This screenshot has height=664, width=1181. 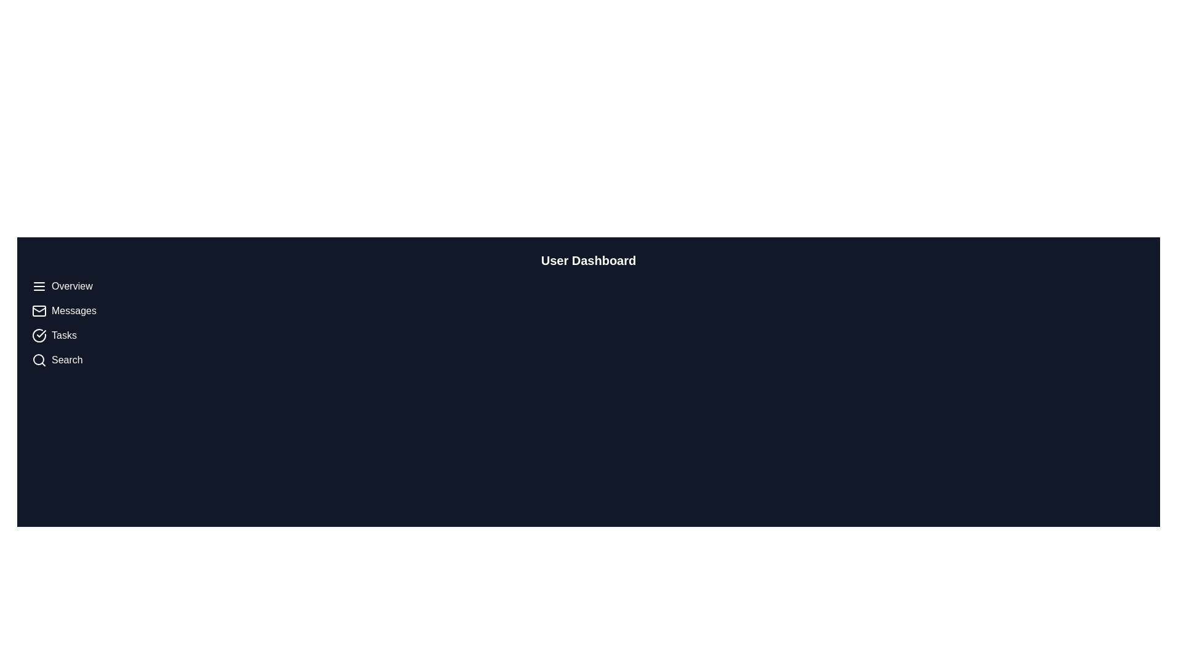 I want to click on the SVG Circle Component located within the magnifying glass icon in the sidebar below the textual labels, so click(x=38, y=360).